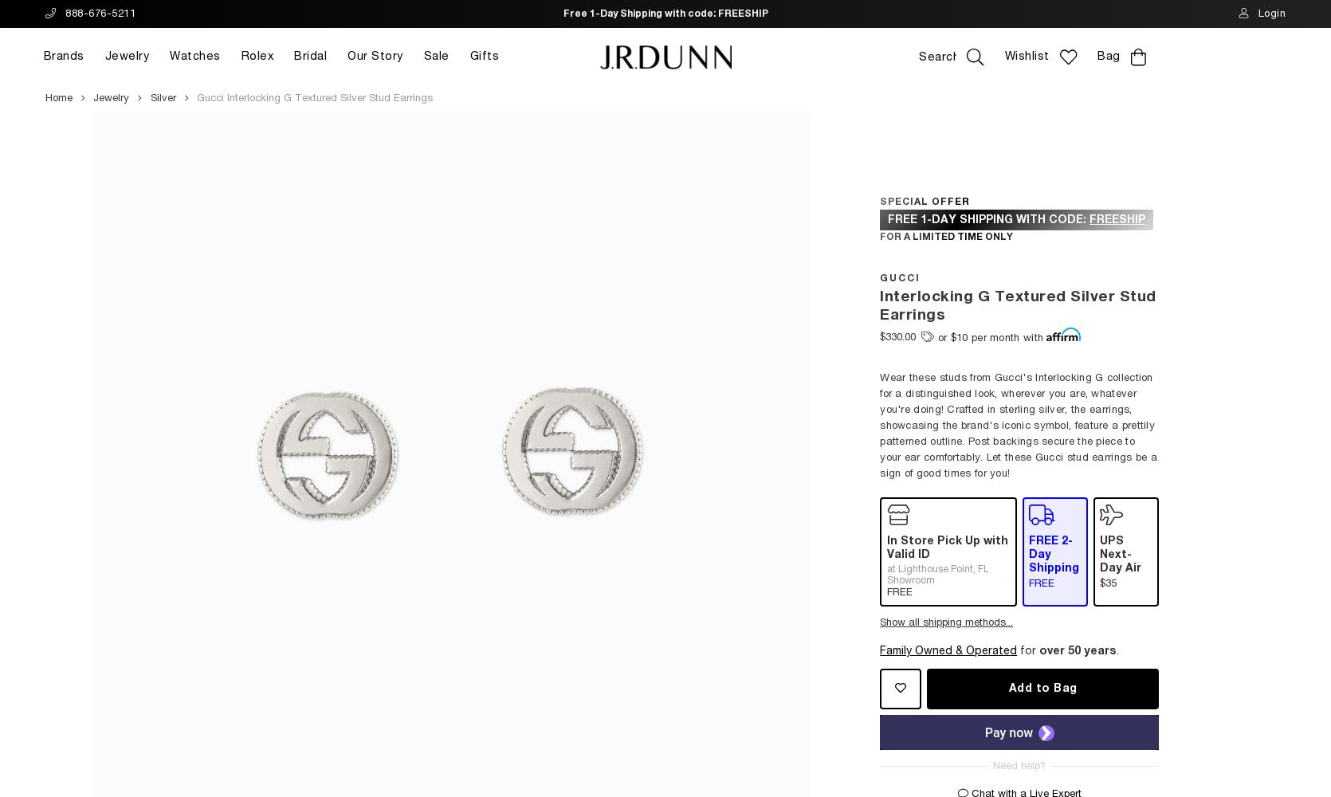 The width and height of the screenshot is (1331, 797). What do you see at coordinates (885, 547) in the screenshot?
I see `'In Store Pick Up with Valid ID'` at bounding box center [885, 547].